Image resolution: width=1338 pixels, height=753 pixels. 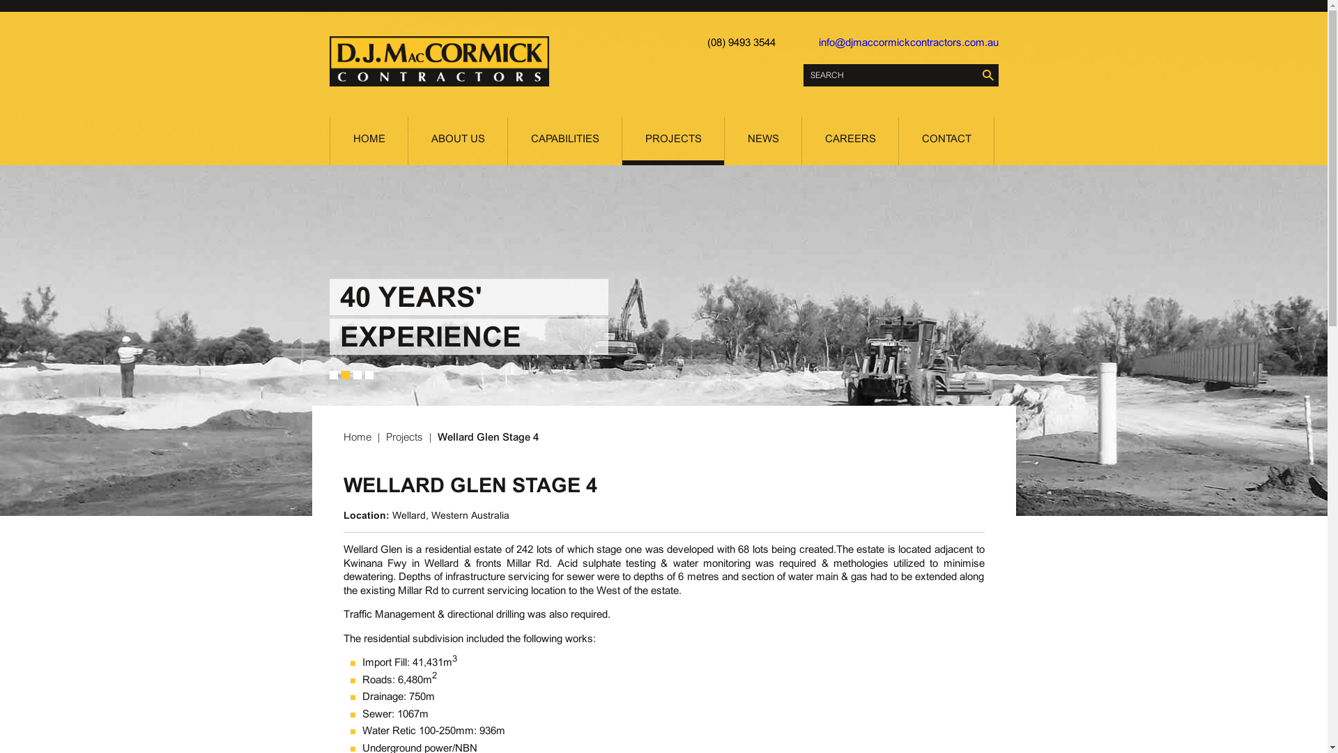 I want to click on 'CAPABILITIES', so click(x=564, y=141).